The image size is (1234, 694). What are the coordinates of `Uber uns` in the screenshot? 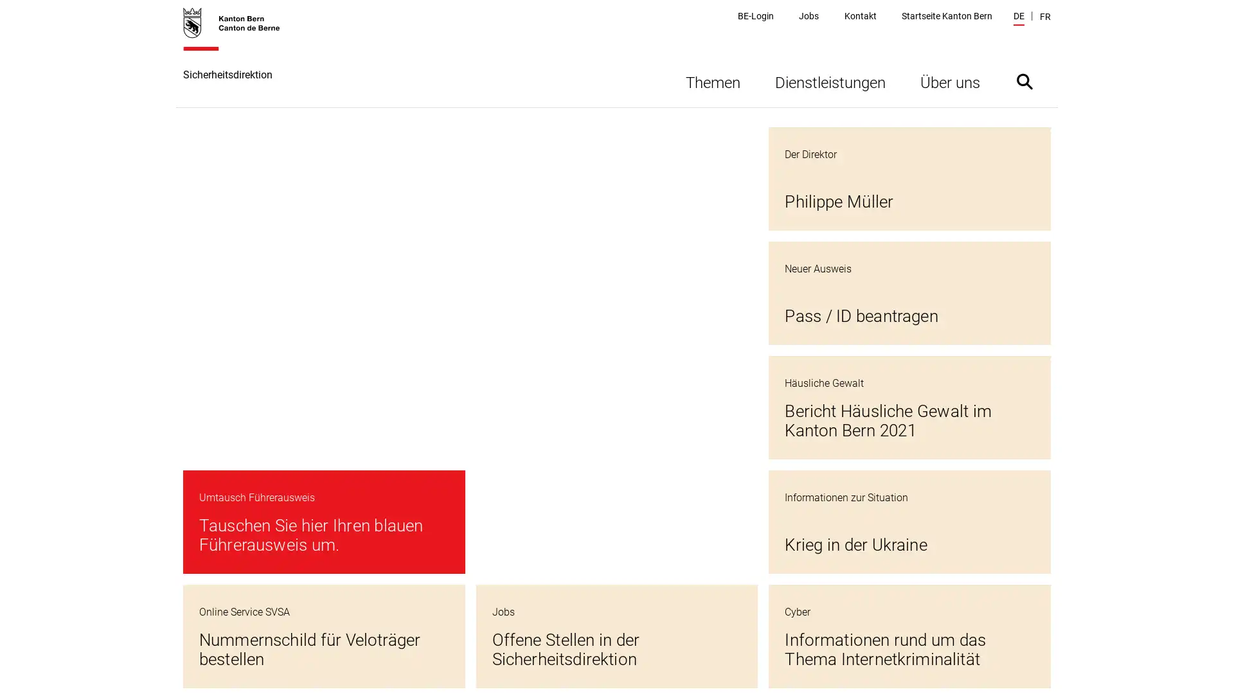 It's located at (950, 82).